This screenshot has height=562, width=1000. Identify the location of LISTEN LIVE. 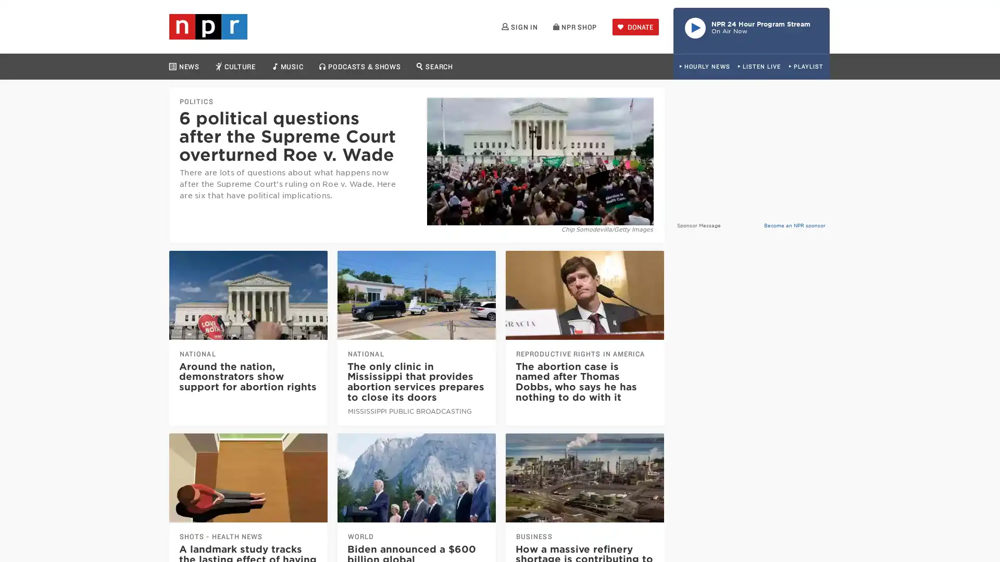
(759, 67).